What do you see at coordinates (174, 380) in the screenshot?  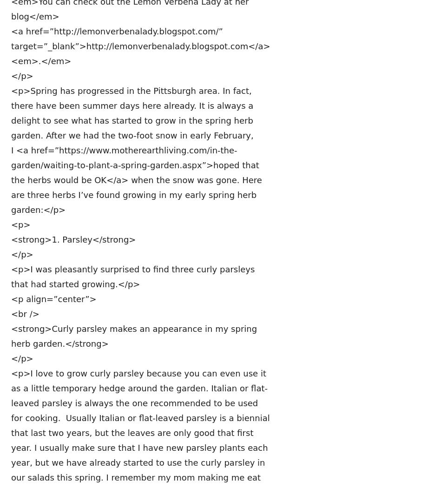 I see `'1-800-456-6018'` at bounding box center [174, 380].